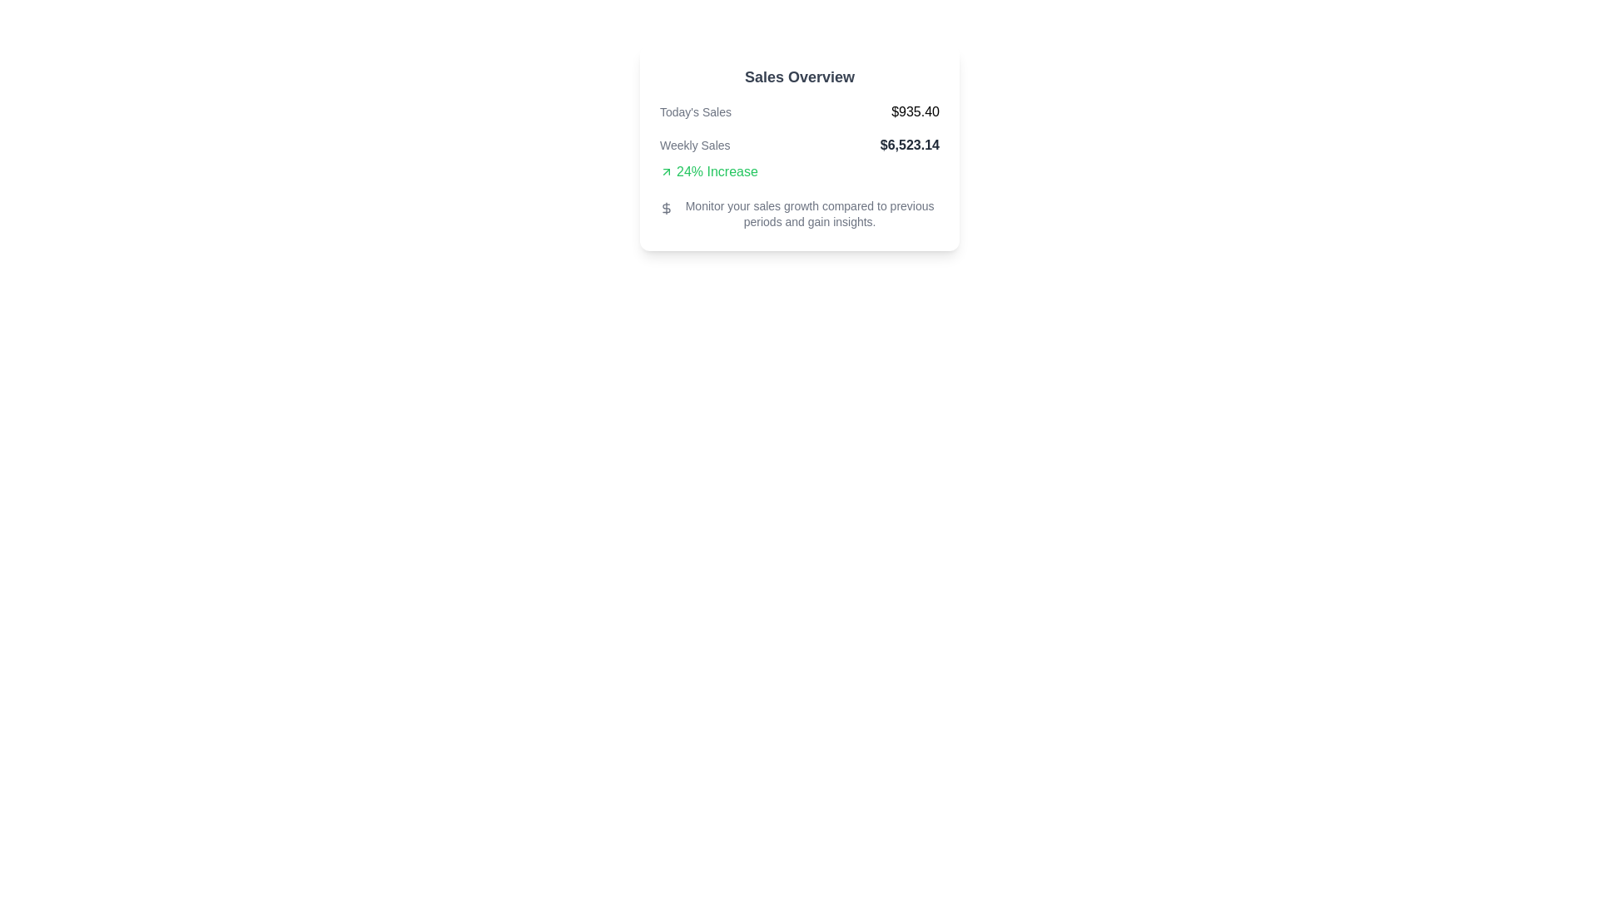 Image resolution: width=1598 pixels, height=898 pixels. Describe the element at coordinates (695, 112) in the screenshot. I see `the static text label at the beginning of the 'Sales Overview' card, which describes the financial data being displayed` at that location.